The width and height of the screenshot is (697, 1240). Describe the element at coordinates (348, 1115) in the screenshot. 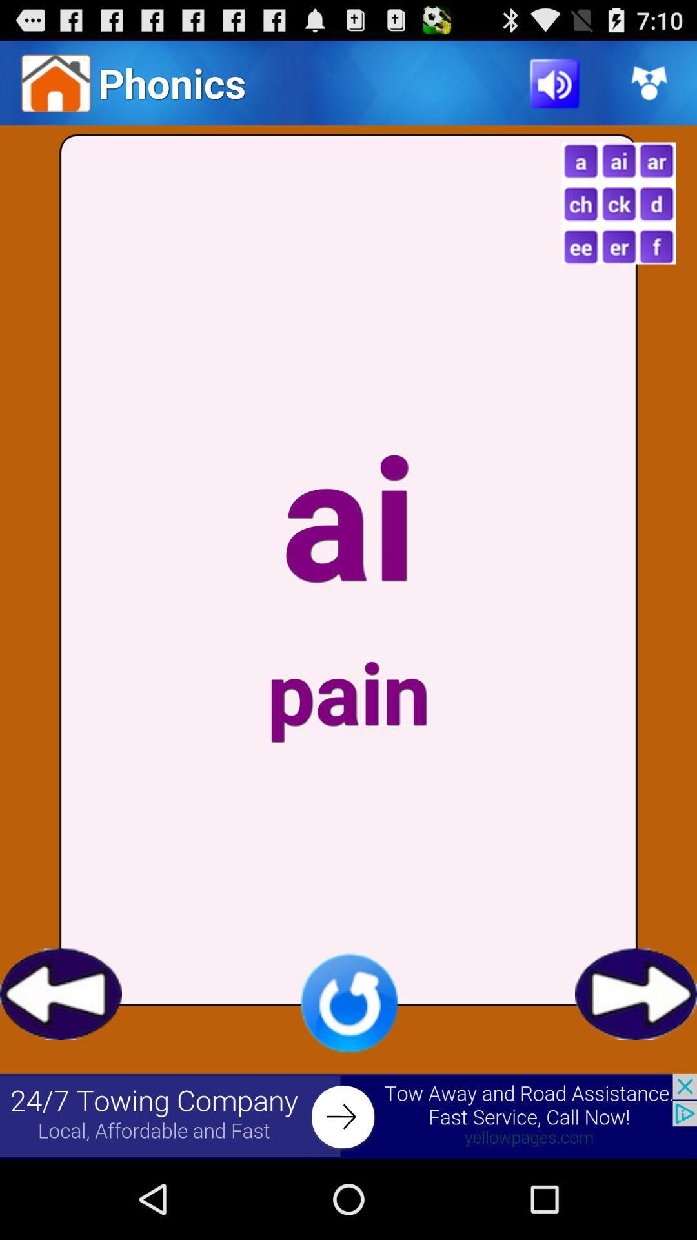

I see `click towing company` at that location.